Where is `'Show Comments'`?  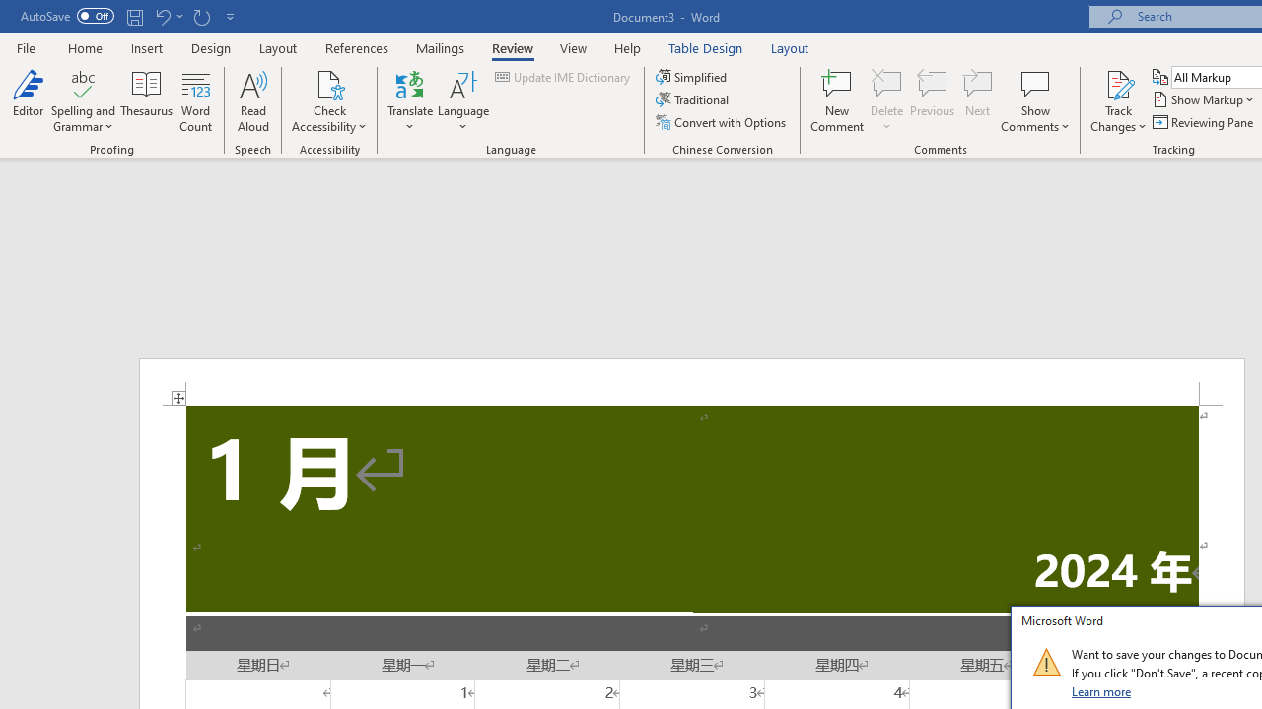
'Show Comments' is located at coordinates (1034, 83).